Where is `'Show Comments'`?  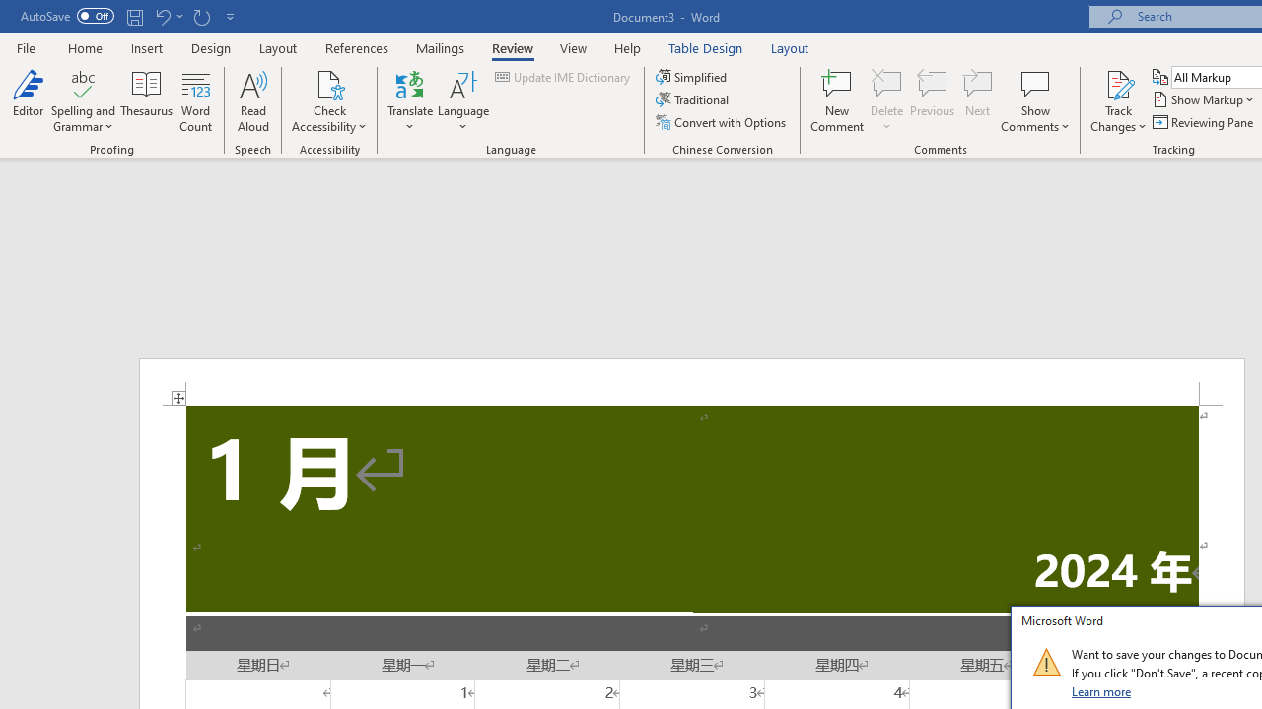
'Show Comments' is located at coordinates (1034, 83).